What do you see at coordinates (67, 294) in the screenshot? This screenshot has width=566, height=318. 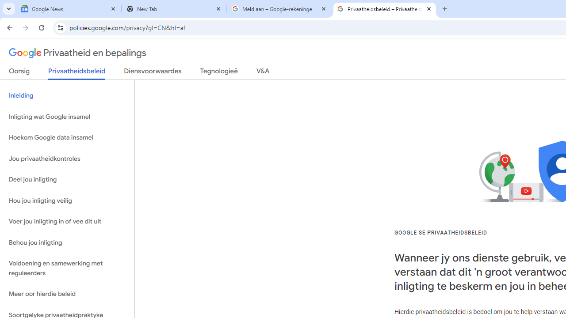 I see `'Meer oor hierdie beleid'` at bounding box center [67, 294].